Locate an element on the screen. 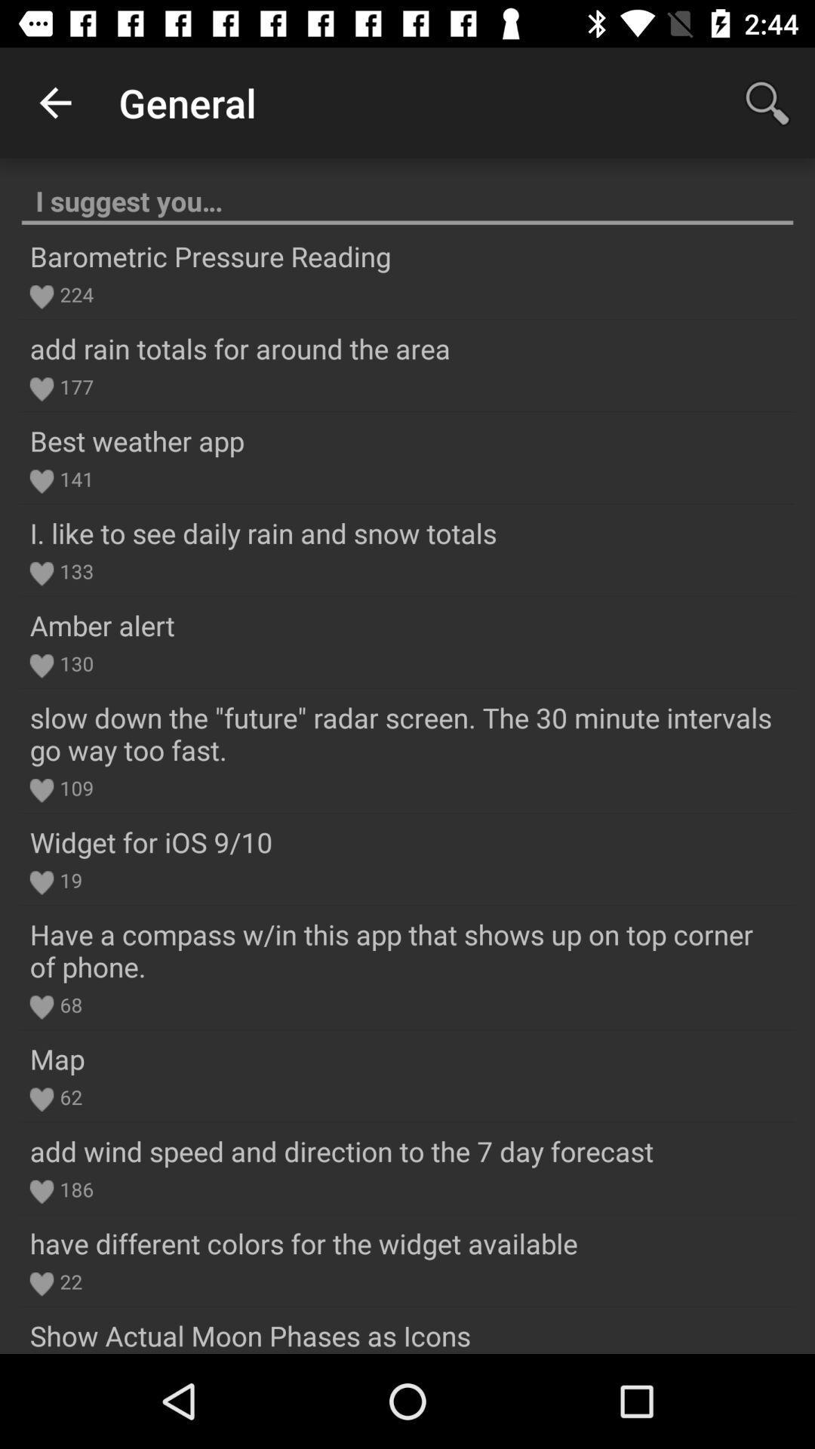  icon to the left of the 186 is located at coordinates (41, 1191).